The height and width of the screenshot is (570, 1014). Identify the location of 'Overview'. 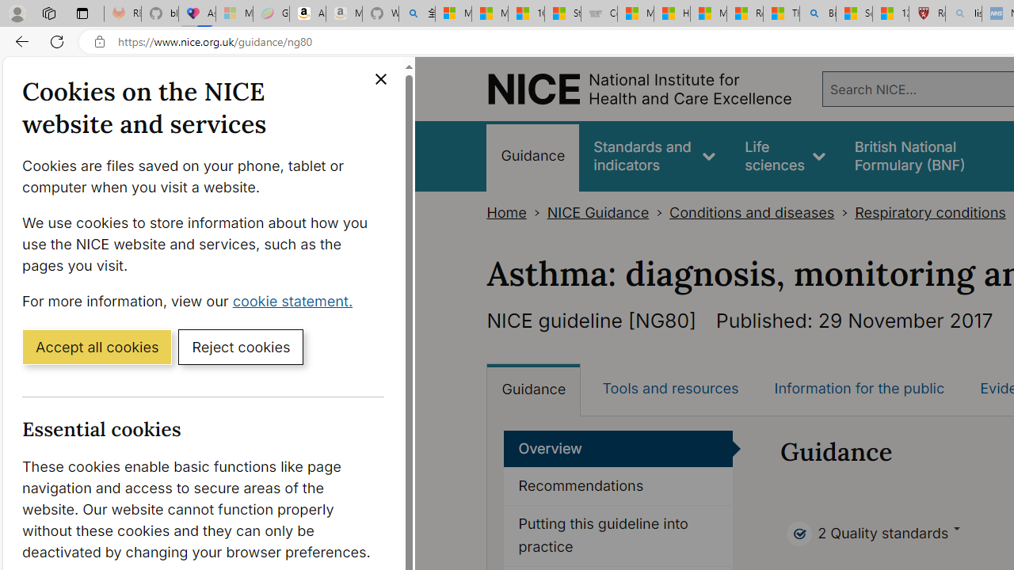
(618, 449).